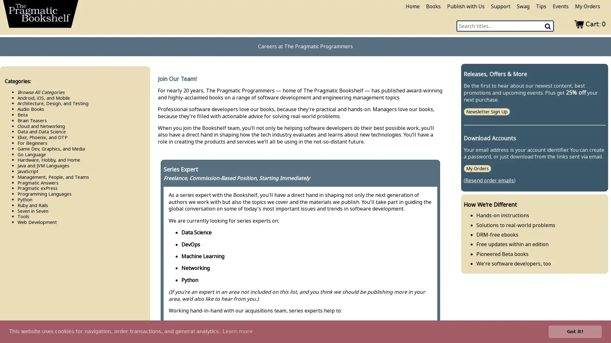 This screenshot has height=343, width=611. I want to click on learn more about cookies, so click(237, 331).